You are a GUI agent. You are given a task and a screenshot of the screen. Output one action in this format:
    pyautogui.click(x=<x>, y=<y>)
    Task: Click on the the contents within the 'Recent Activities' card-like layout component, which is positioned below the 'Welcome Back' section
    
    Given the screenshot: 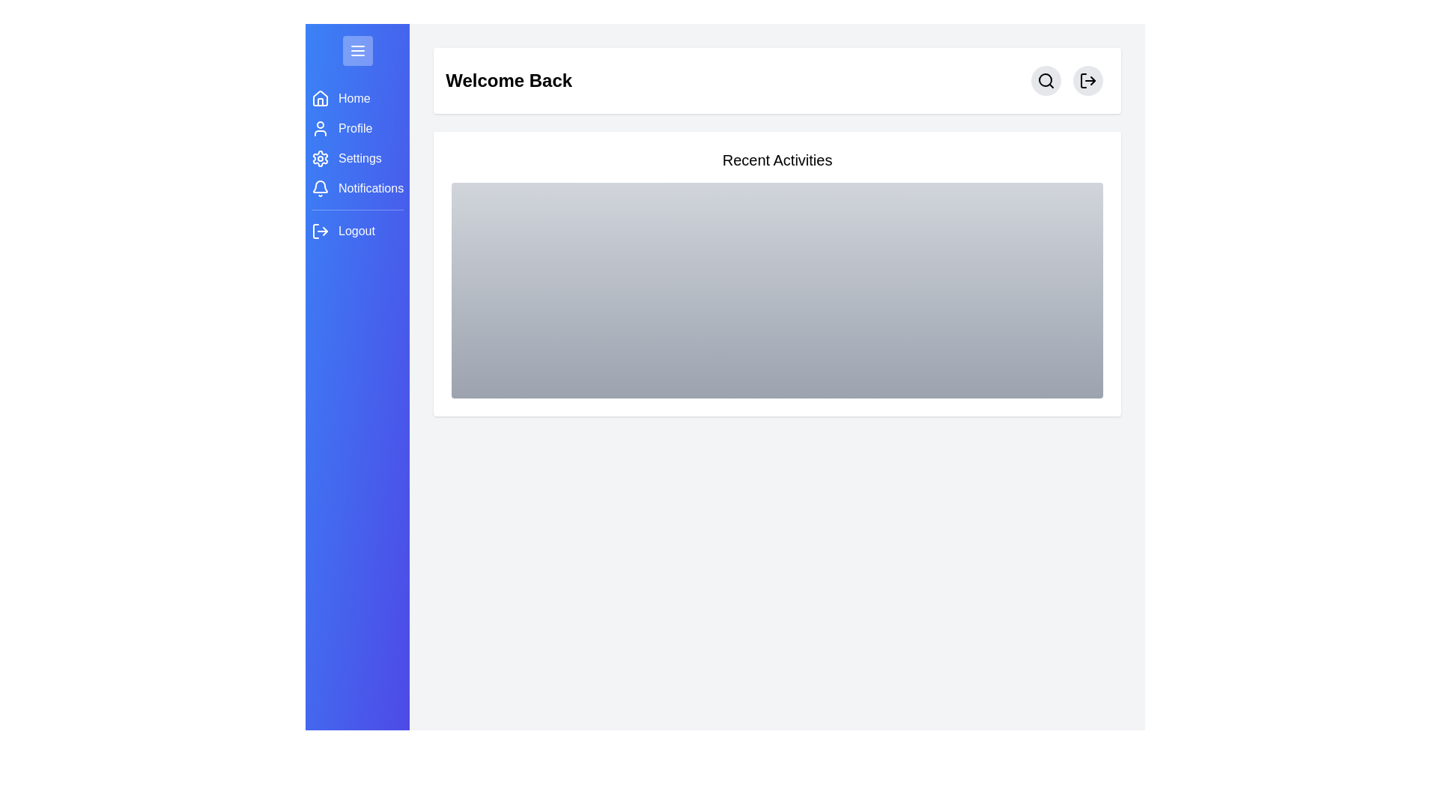 What is the action you would take?
    pyautogui.click(x=777, y=274)
    